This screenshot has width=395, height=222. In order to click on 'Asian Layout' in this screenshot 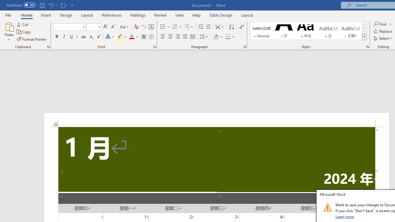, I will do `click(220, 27)`.